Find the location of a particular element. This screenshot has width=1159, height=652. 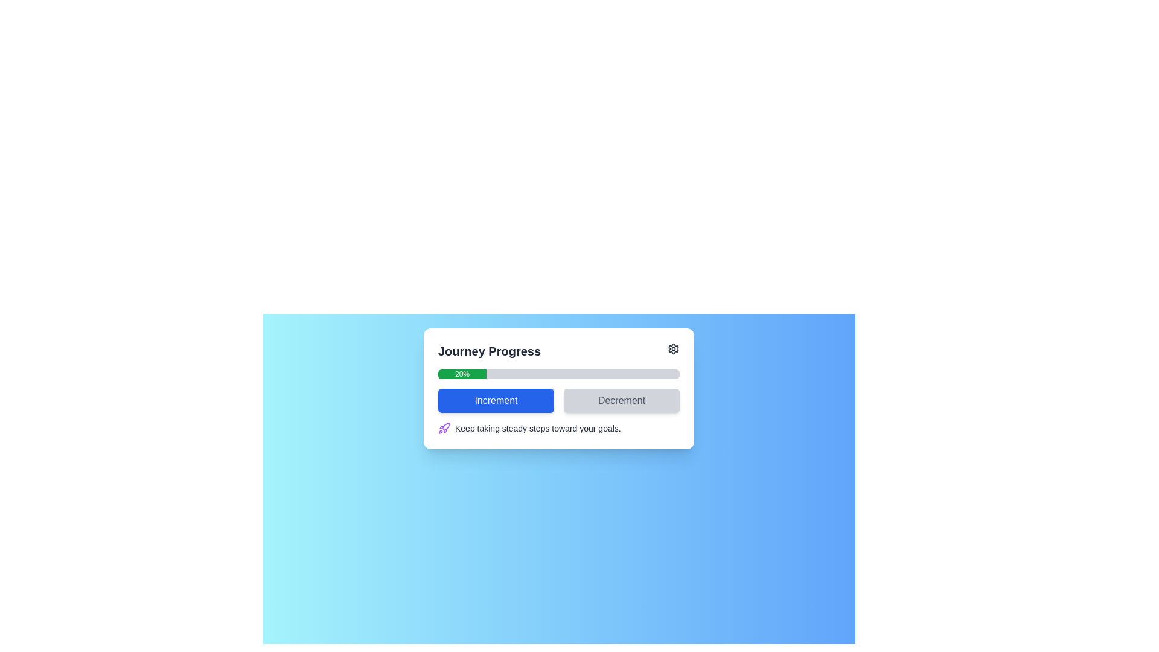

the progress bar indicating 20% completion that is located in the central rectangular card below the 'Journey Progress' header and above the 'Increment' and 'Decrement' buttons is located at coordinates (558, 374).